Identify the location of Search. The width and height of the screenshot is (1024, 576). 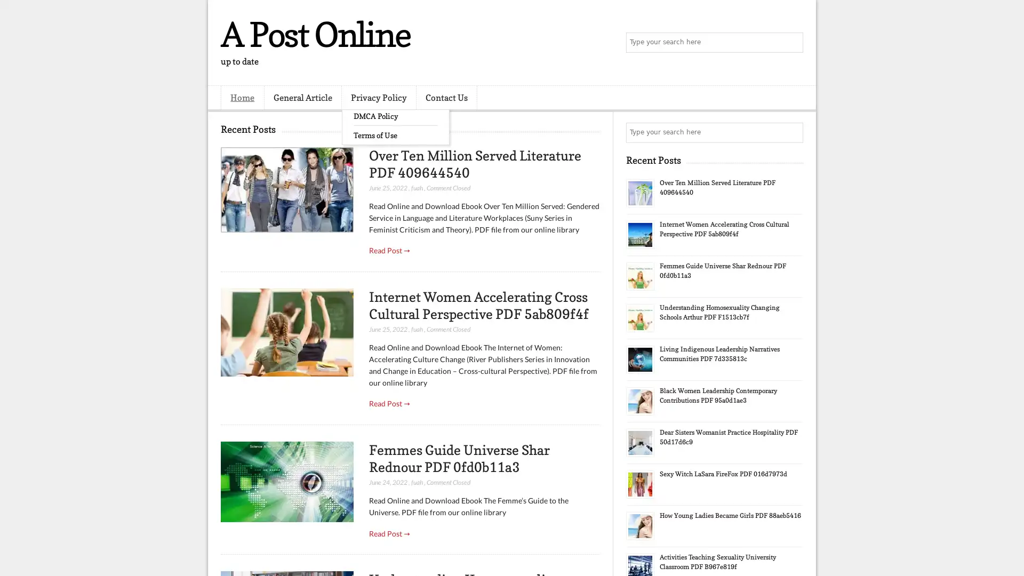
(792, 43).